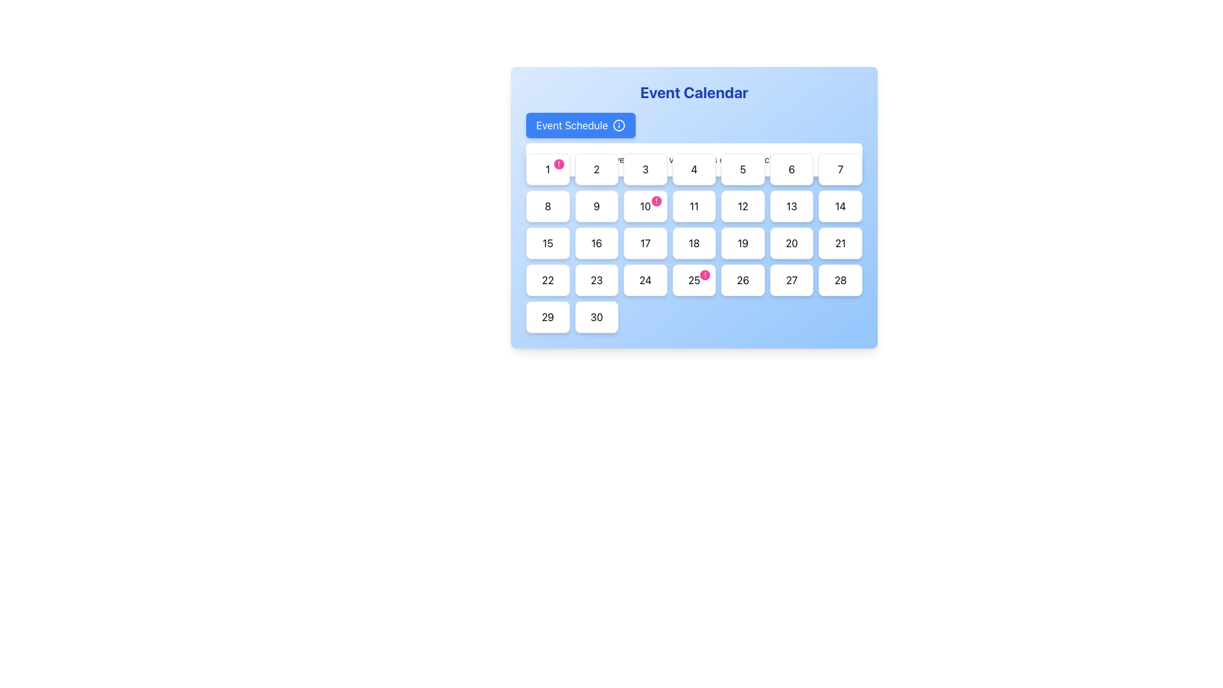 Image resolution: width=1223 pixels, height=688 pixels. I want to click on the date button marked '11' in the calendar interface, so click(693, 206).